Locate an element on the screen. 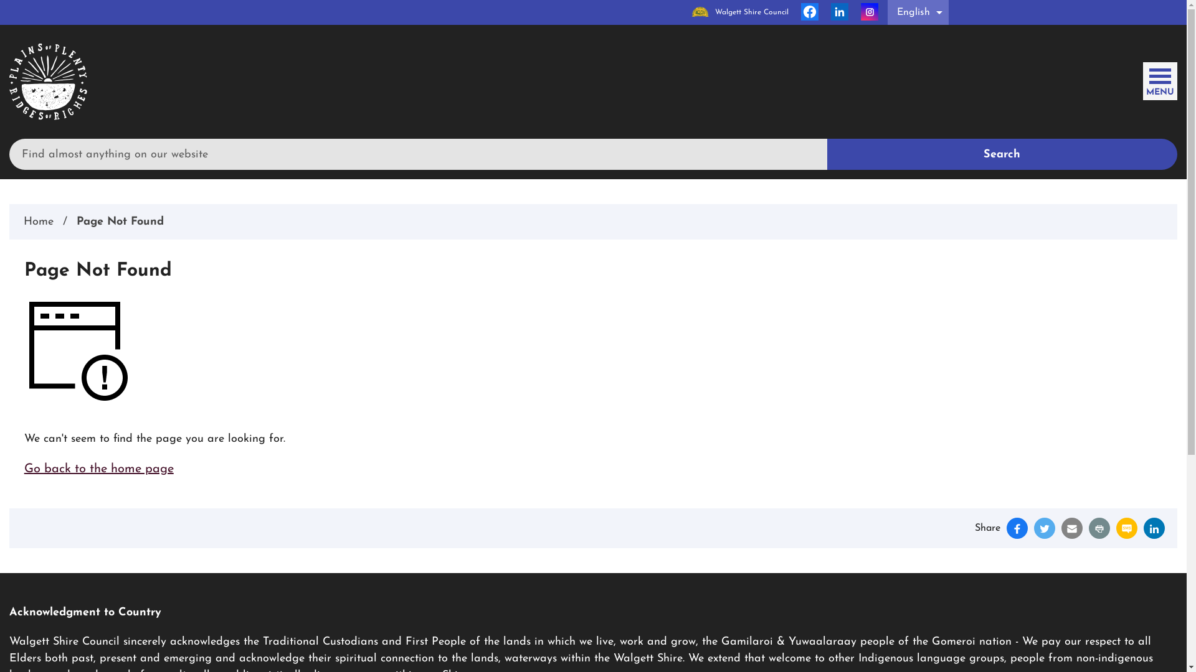  'Facebook' is located at coordinates (1017, 528).